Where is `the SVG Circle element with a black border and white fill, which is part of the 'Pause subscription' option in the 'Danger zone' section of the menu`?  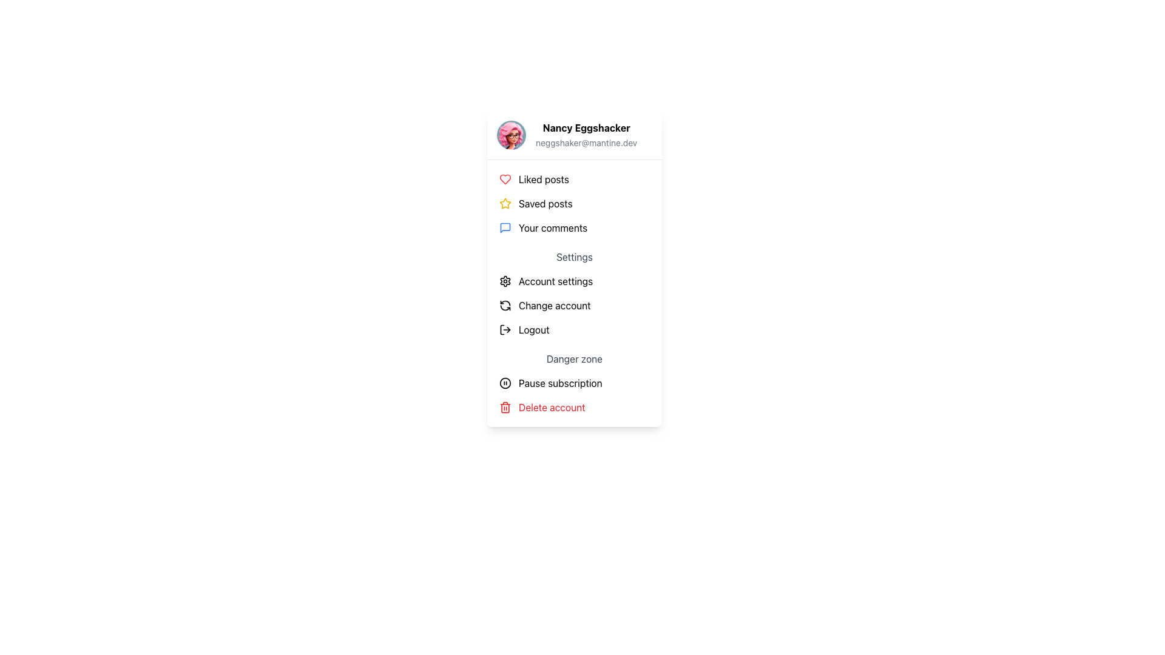 the SVG Circle element with a black border and white fill, which is part of the 'Pause subscription' option in the 'Danger zone' section of the menu is located at coordinates (505, 383).